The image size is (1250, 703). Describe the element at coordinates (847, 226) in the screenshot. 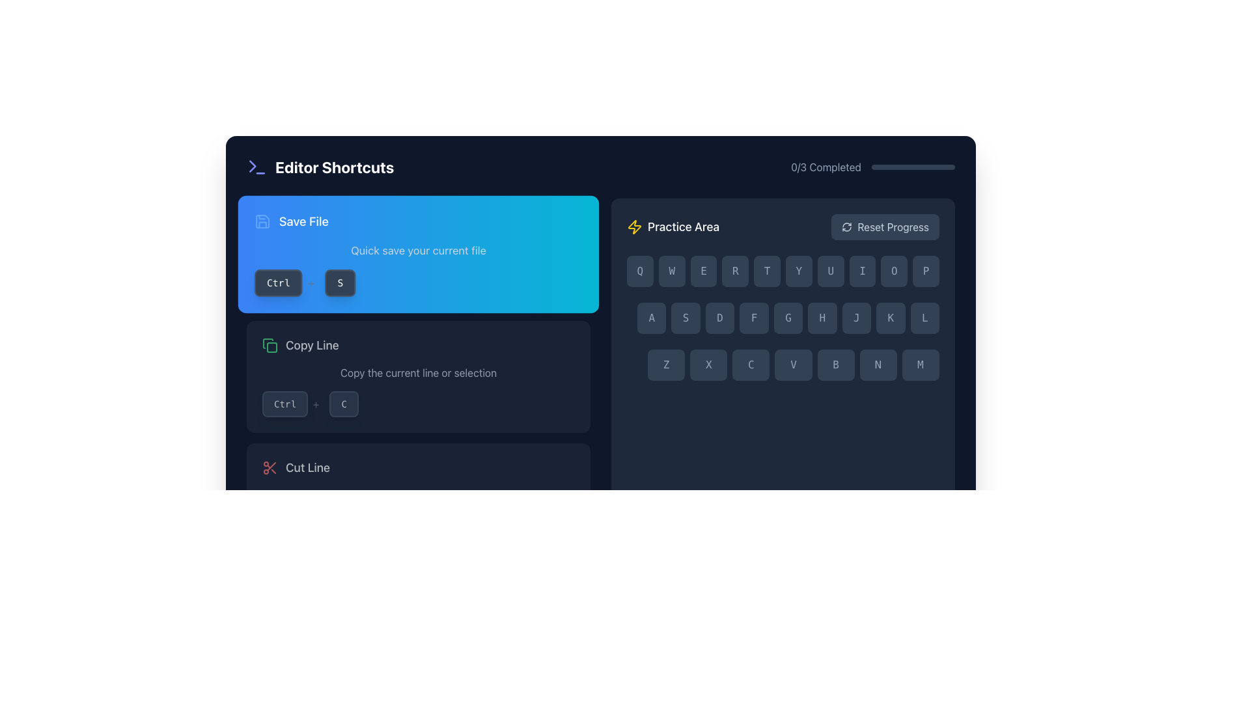

I see `the refresh icon, which is styled with thin strokes and features circular arrows, located within the button labeled 'Reset Progress' on the top-right corner of the user interface` at that location.